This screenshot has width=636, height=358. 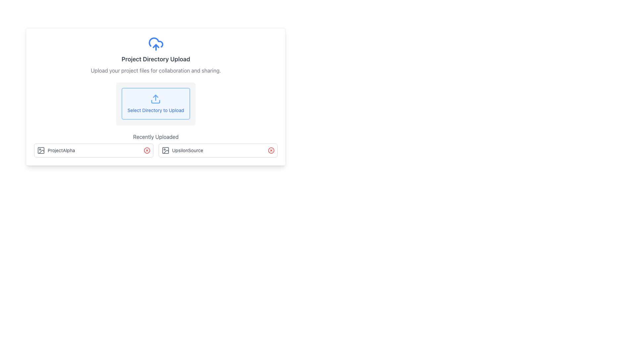 What do you see at coordinates (155, 97) in the screenshot?
I see `the action button for selecting a directory to upload files for collaboration and sharing, located below the title 'Project Directory Upload' and above 'Recently Uploaded'` at bounding box center [155, 97].